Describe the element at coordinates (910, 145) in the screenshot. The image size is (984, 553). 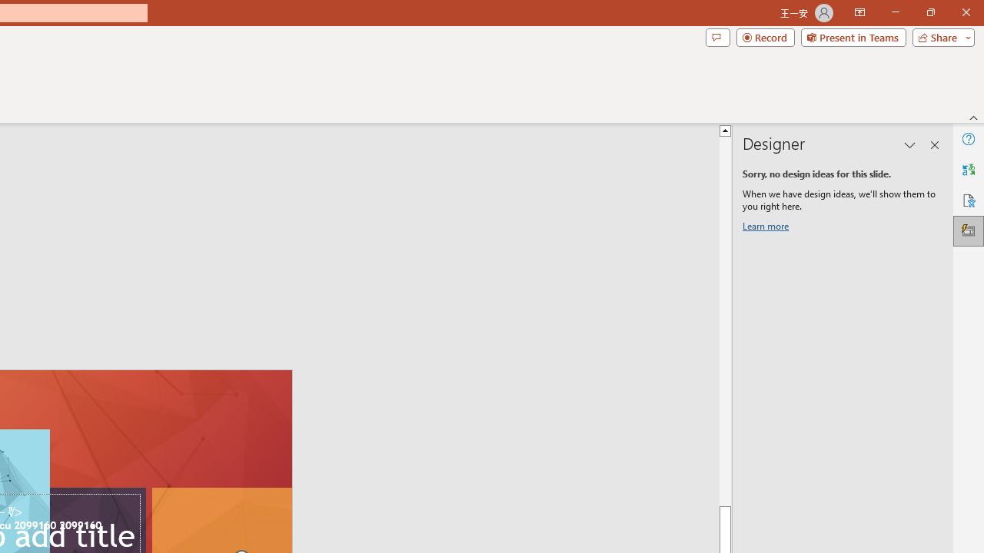
I see `'Task Pane Options'` at that location.